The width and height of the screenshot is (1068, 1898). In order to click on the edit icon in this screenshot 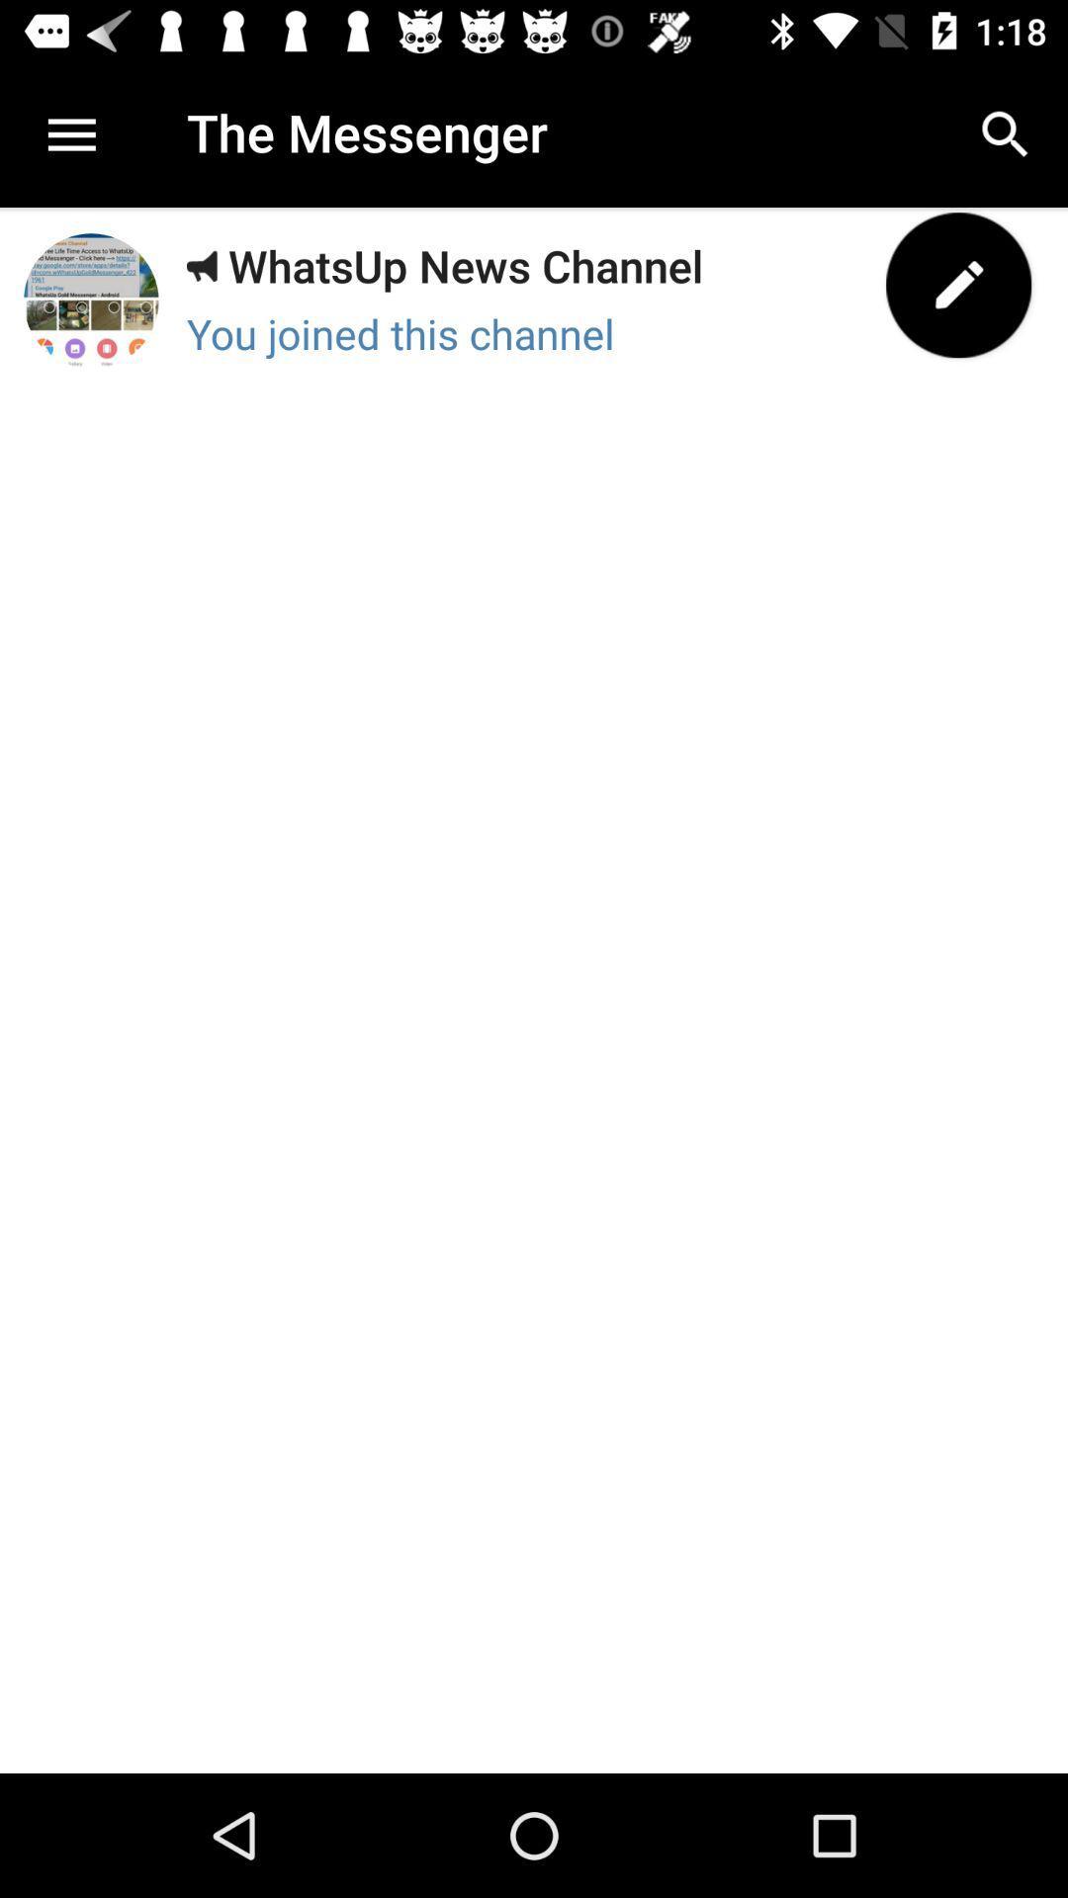, I will do `click(957, 284)`.